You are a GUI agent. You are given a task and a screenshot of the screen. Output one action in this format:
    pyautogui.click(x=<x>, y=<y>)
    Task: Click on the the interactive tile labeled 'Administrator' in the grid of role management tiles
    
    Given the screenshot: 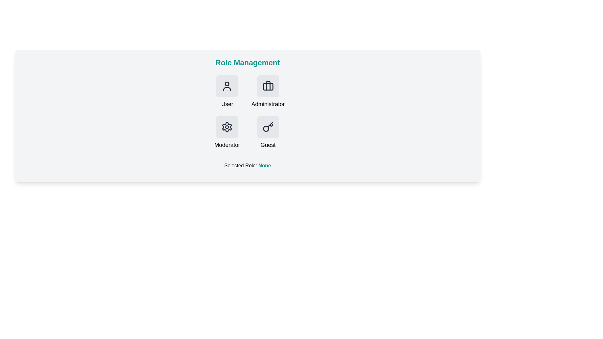 What is the action you would take?
    pyautogui.click(x=247, y=112)
    